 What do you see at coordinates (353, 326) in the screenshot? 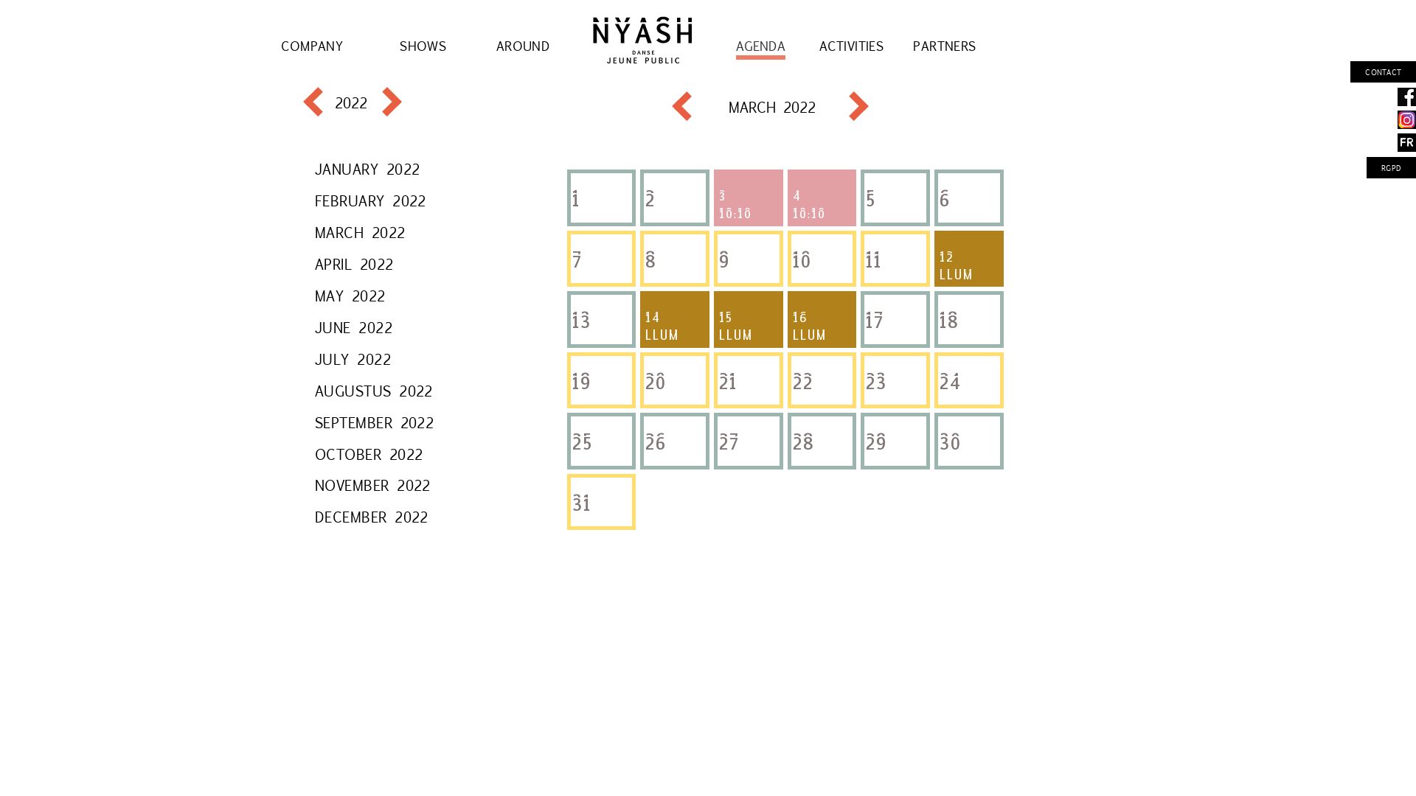
I see `'JUNE 2022'` at bounding box center [353, 326].